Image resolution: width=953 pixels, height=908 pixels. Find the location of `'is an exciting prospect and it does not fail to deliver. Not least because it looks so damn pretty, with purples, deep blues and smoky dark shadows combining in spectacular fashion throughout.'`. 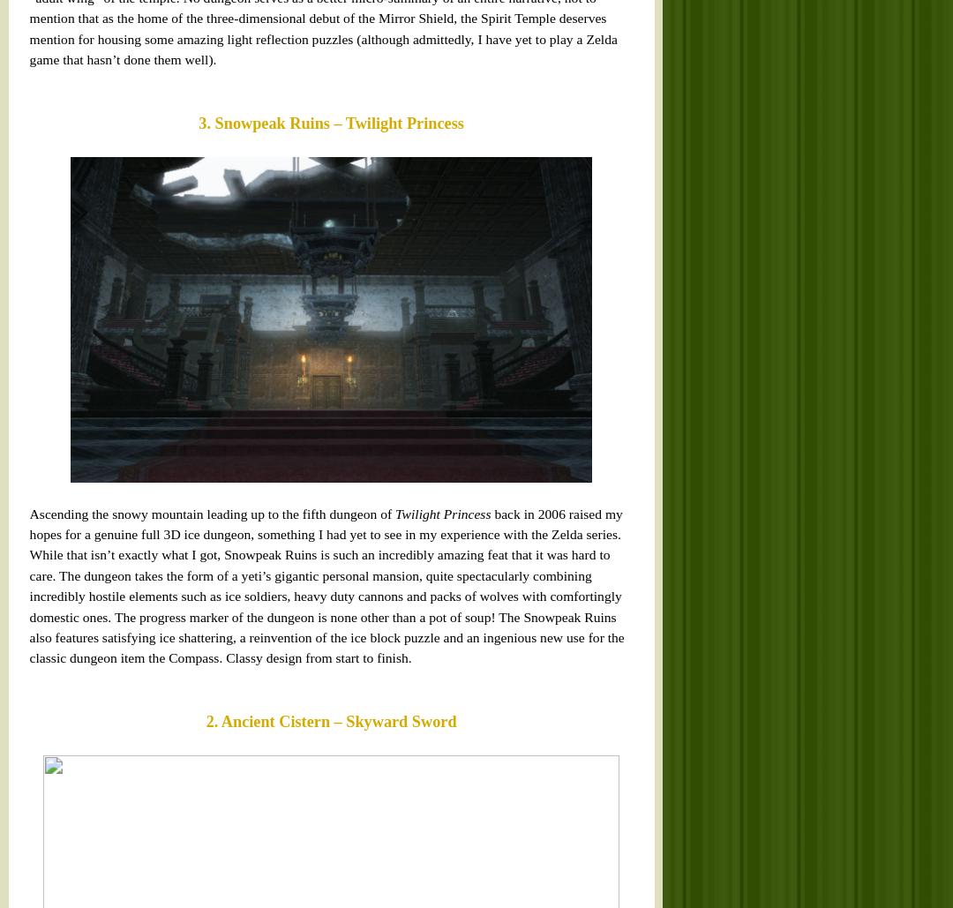

'is an exciting prospect and it does not fail to deliver. Not least because it looks so damn pretty, with purples, deep blues and smoky dark shadows combining in spectacular fashion throughout.' is located at coordinates (24, 668).